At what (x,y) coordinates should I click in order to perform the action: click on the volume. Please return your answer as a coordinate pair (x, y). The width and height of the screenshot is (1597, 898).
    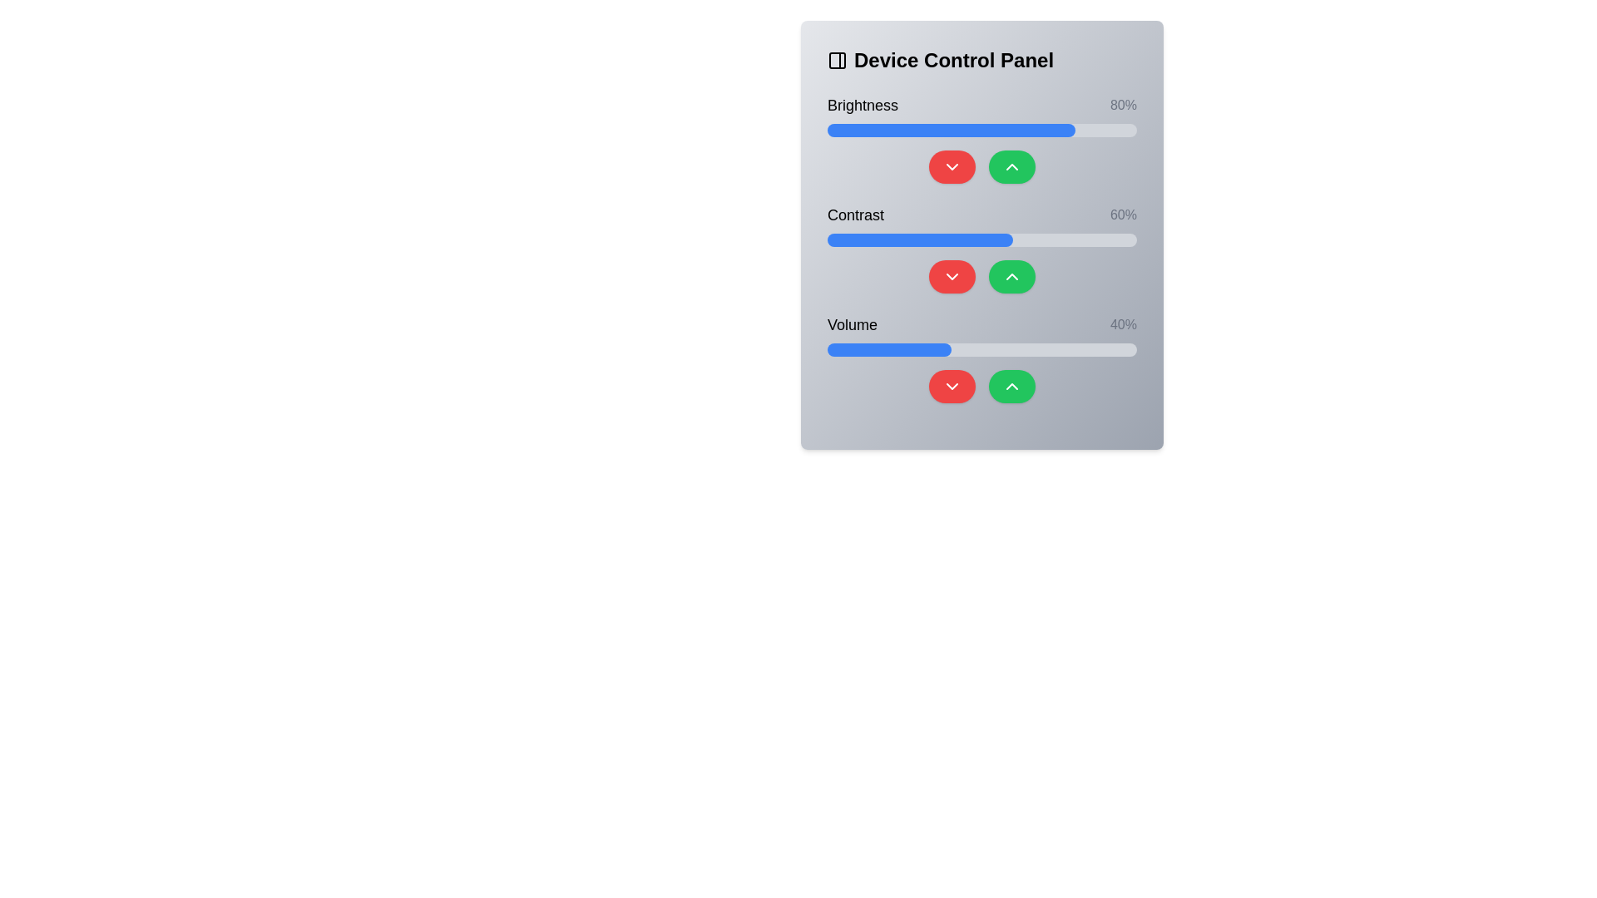
    Looking at the image, I should click on (1133, 348).